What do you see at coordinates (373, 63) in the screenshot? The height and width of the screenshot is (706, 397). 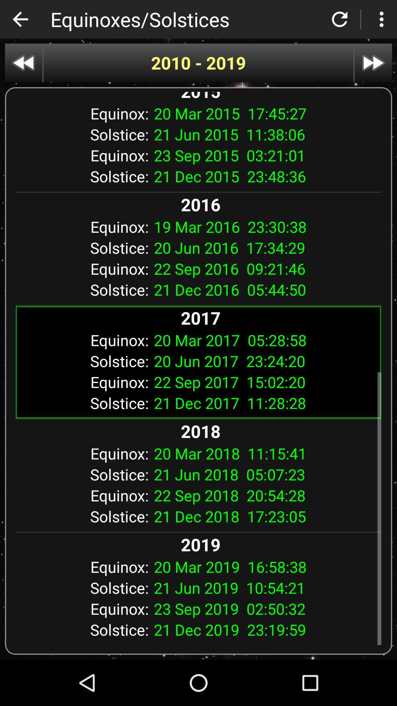 I see `item above the 2015 icon` at bounding box center [373, 63].